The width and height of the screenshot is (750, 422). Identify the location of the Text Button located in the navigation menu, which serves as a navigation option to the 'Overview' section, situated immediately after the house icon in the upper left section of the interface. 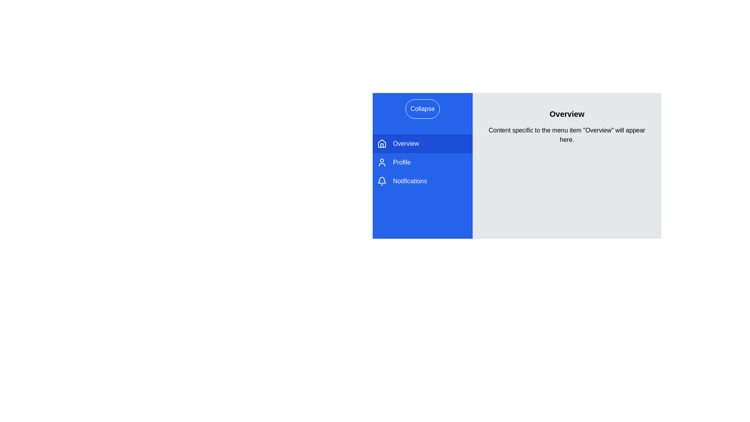
(406, 143).